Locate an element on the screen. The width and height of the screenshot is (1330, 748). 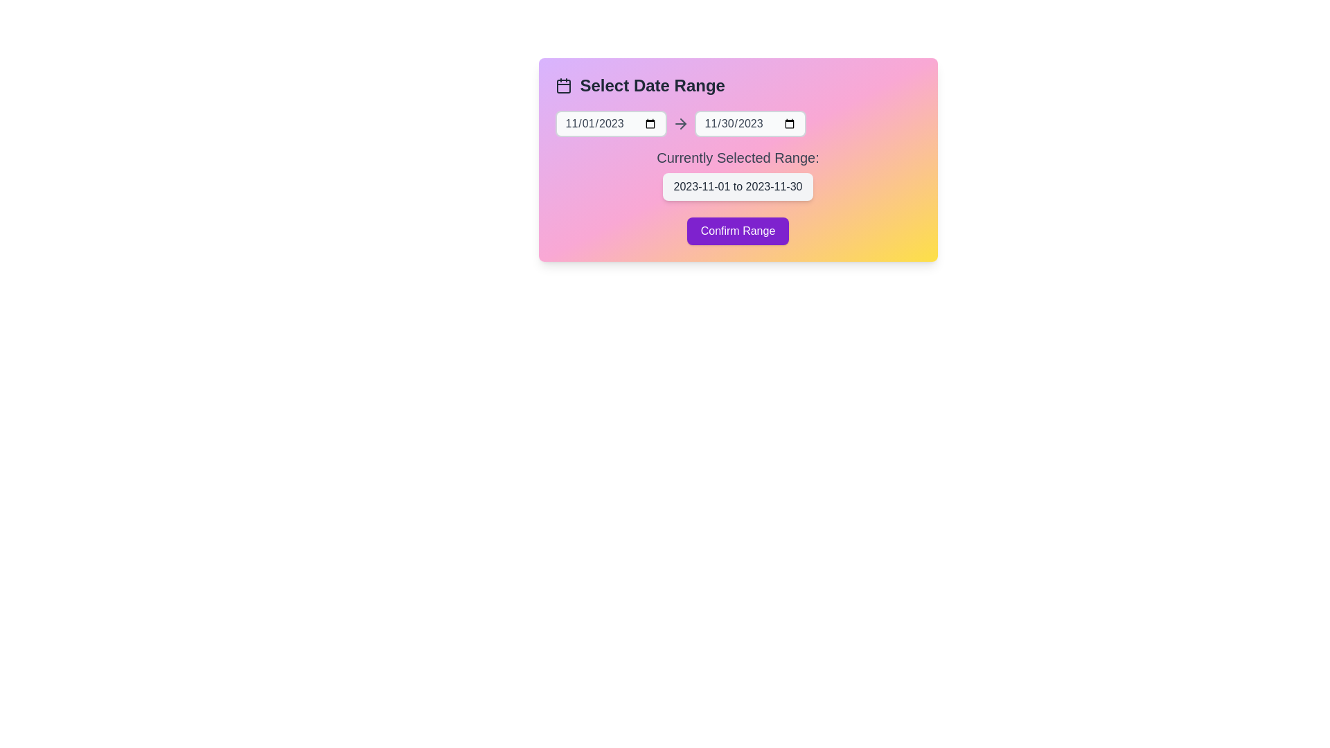
'Confirm Range' button to confirm the selected date range is located at coordinates (737, 231).